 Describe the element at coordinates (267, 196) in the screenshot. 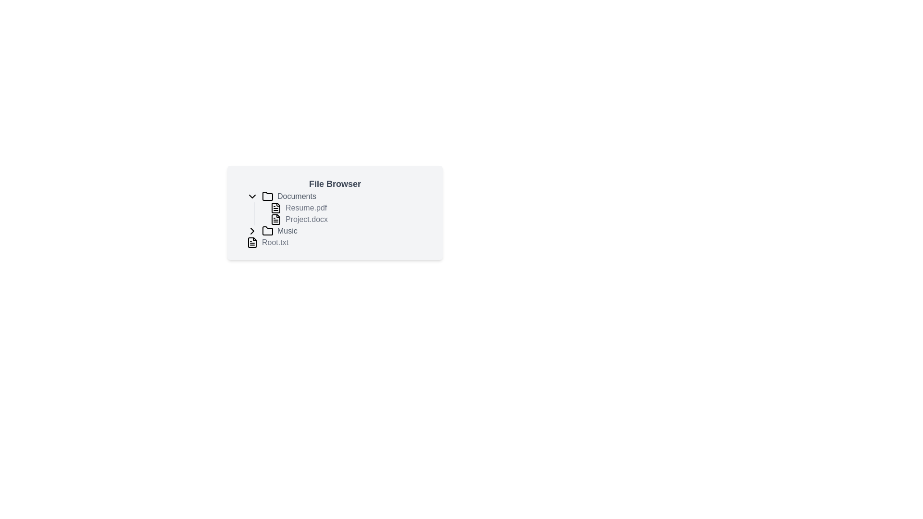

I see `the folder icon labeled 'Documents' in the file browser interface, which is the first item in the vertical list` at that location.